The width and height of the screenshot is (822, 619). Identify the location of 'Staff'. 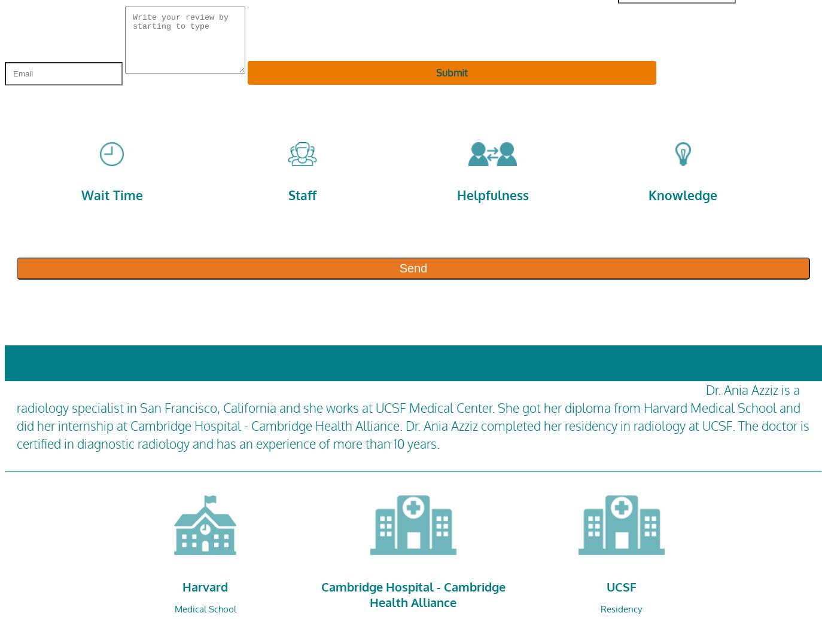
(302, 194).